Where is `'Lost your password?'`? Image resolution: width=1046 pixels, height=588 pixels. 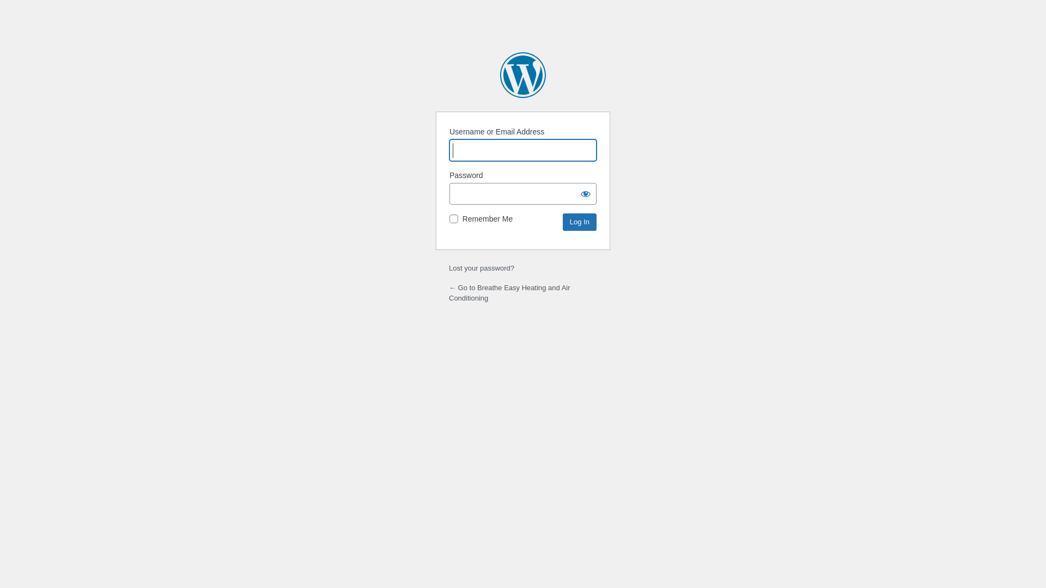
'Lost your password?' is located at coordinates (481, 268).